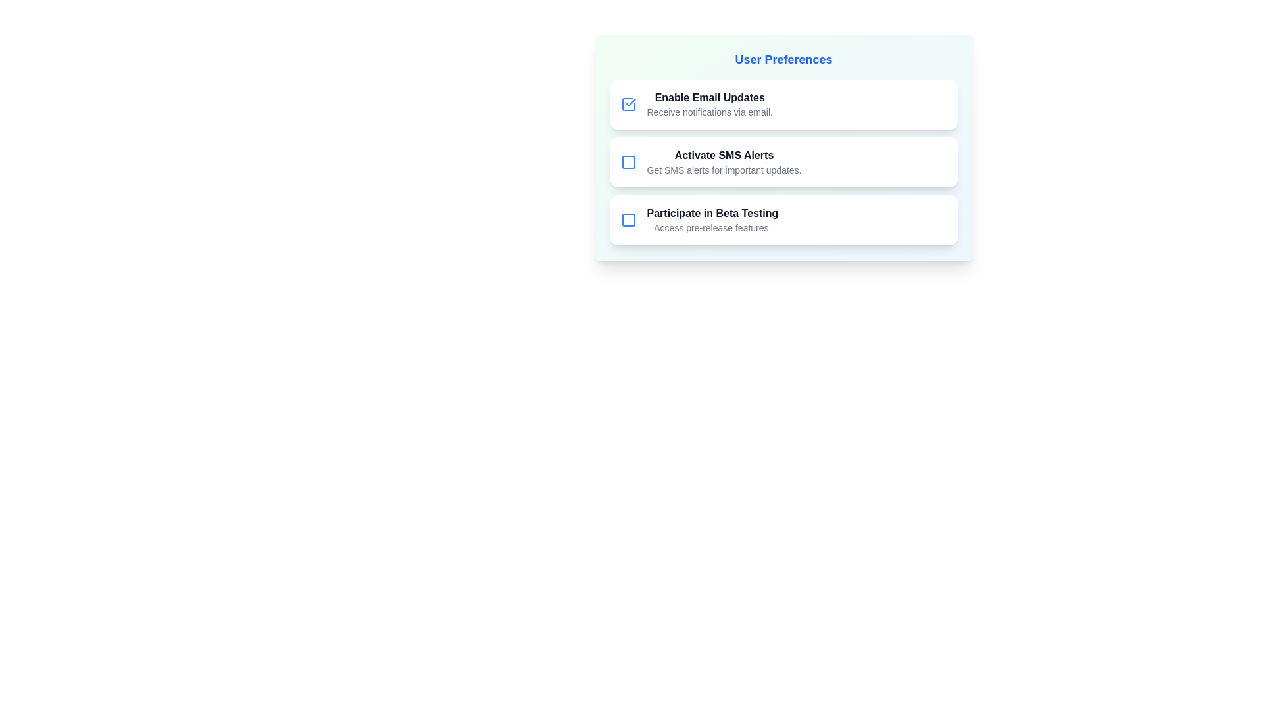 Image resolution: width=1263 pixels, height=710 pixels. What do you see at coordinates (783, 147) in the screenshot?
I see `the Option checkbox for SMS notifications` at bounding box center [783, 147].